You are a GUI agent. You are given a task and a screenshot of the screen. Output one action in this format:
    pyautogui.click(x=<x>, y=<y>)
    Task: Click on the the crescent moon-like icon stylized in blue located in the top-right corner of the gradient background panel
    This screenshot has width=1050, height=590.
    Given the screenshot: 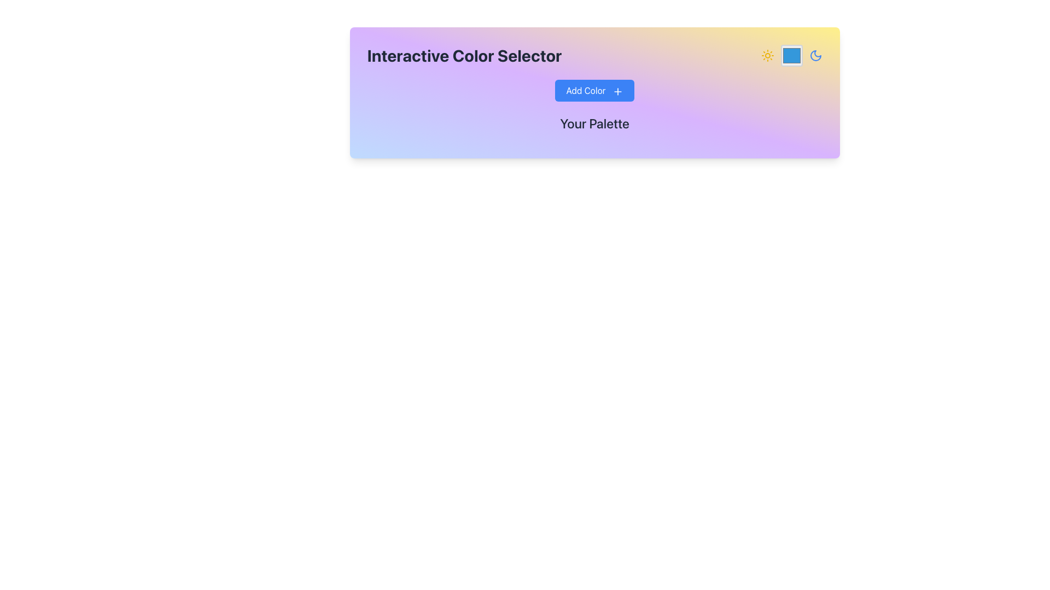 What is the action you would take?
    pyautogui.click(x=815, y=55)
    